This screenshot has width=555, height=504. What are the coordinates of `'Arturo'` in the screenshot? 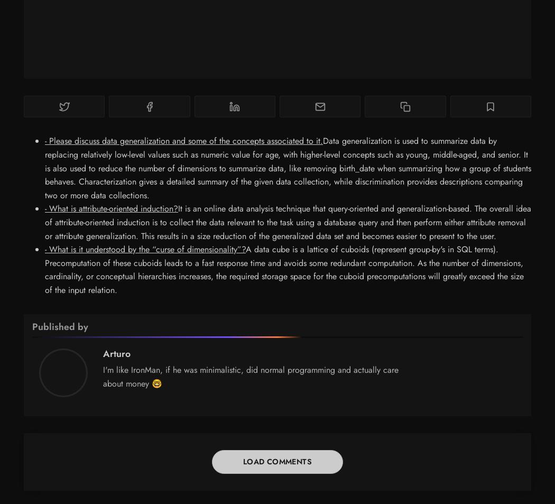 It's located at (116, 353).